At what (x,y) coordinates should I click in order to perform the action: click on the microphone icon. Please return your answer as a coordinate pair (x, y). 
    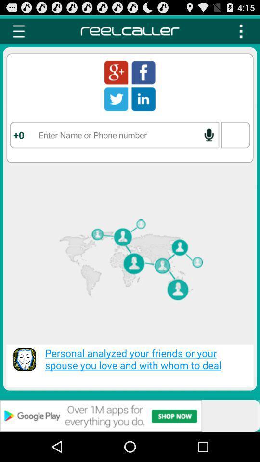
    Looking at the image, I should click on (208, 144).